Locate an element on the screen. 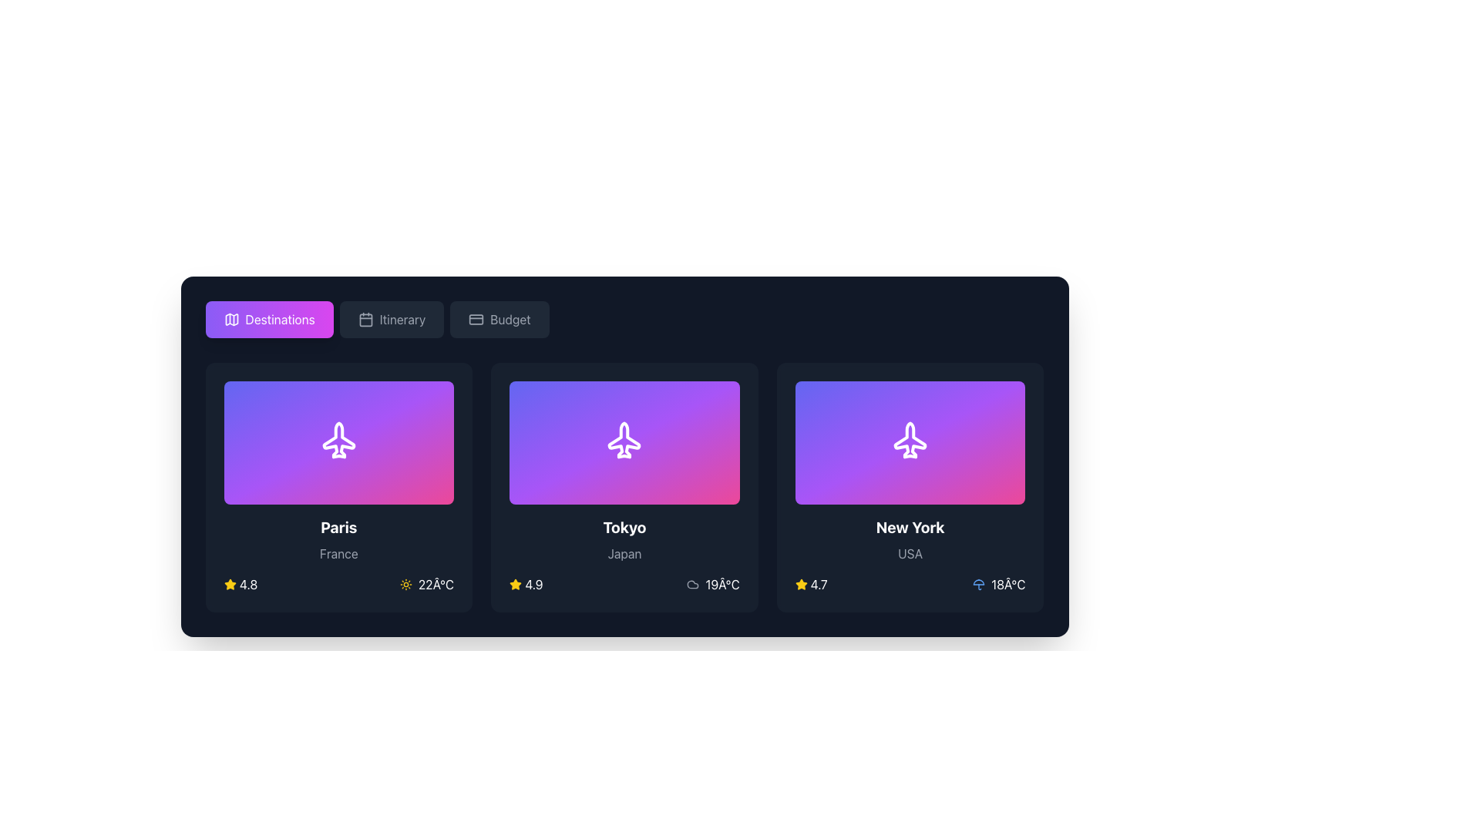  temperature '19°C' and the weather condition displayed next to the gray cloud icon in the informational label for 'Tokyo' is located at coordinates (712, 585).